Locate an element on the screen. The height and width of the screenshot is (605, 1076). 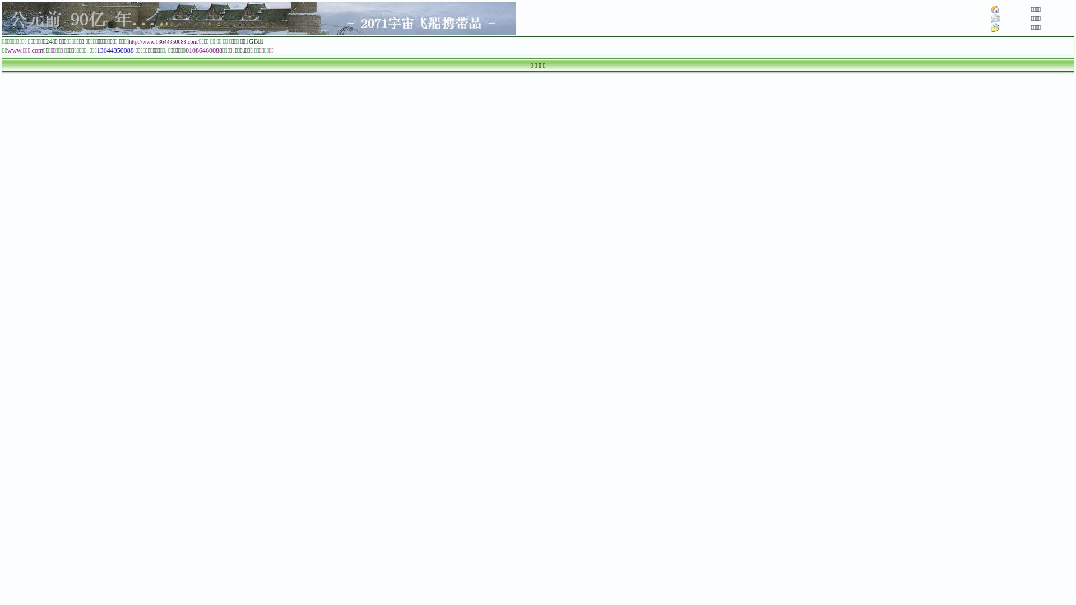
'G' is located at coordinates (251, 40).